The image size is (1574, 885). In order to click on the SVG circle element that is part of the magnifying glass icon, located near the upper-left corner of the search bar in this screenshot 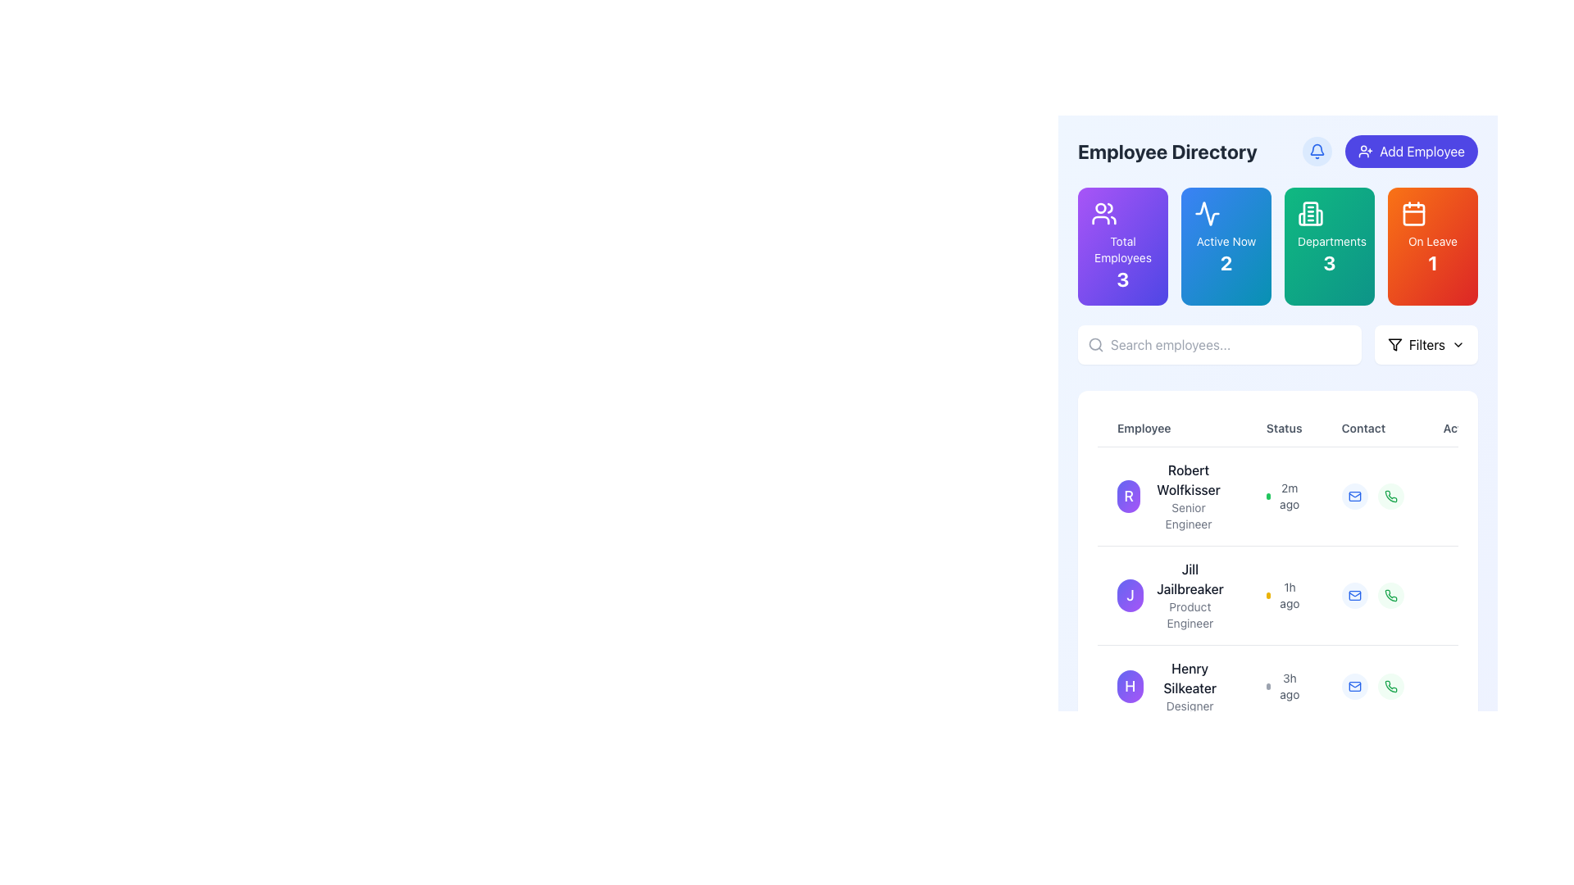, I will do `click(1095, 343)`.